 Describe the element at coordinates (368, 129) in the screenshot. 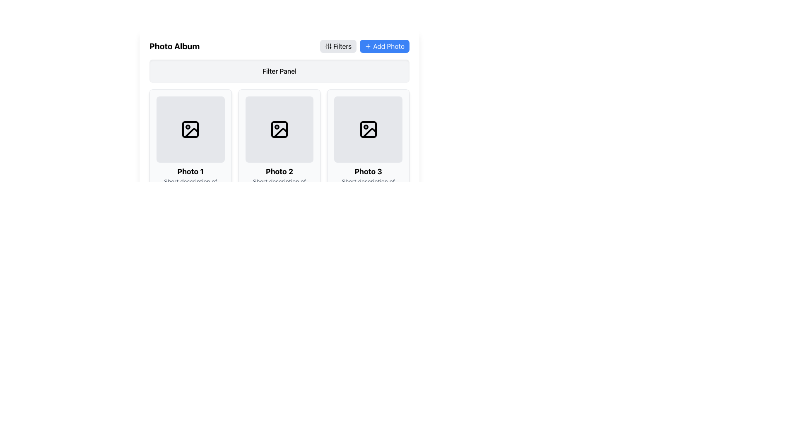

I see `the square-shaped icon resembling an image placeholder, which is part of the 'Filter Panel' under 'Photo 3' and contains a circular dot and a diagonal line` at that location.